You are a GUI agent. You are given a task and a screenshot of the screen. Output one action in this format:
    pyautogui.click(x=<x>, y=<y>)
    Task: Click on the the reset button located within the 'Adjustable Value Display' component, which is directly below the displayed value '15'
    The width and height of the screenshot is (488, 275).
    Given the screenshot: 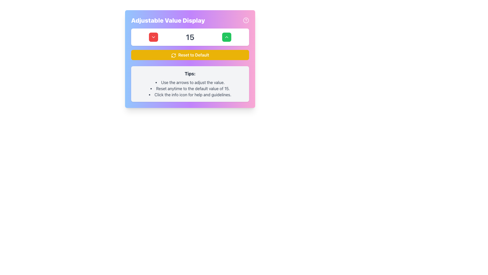 What is the action you would take?
    pyautogui.click(x=190, y=55)
    